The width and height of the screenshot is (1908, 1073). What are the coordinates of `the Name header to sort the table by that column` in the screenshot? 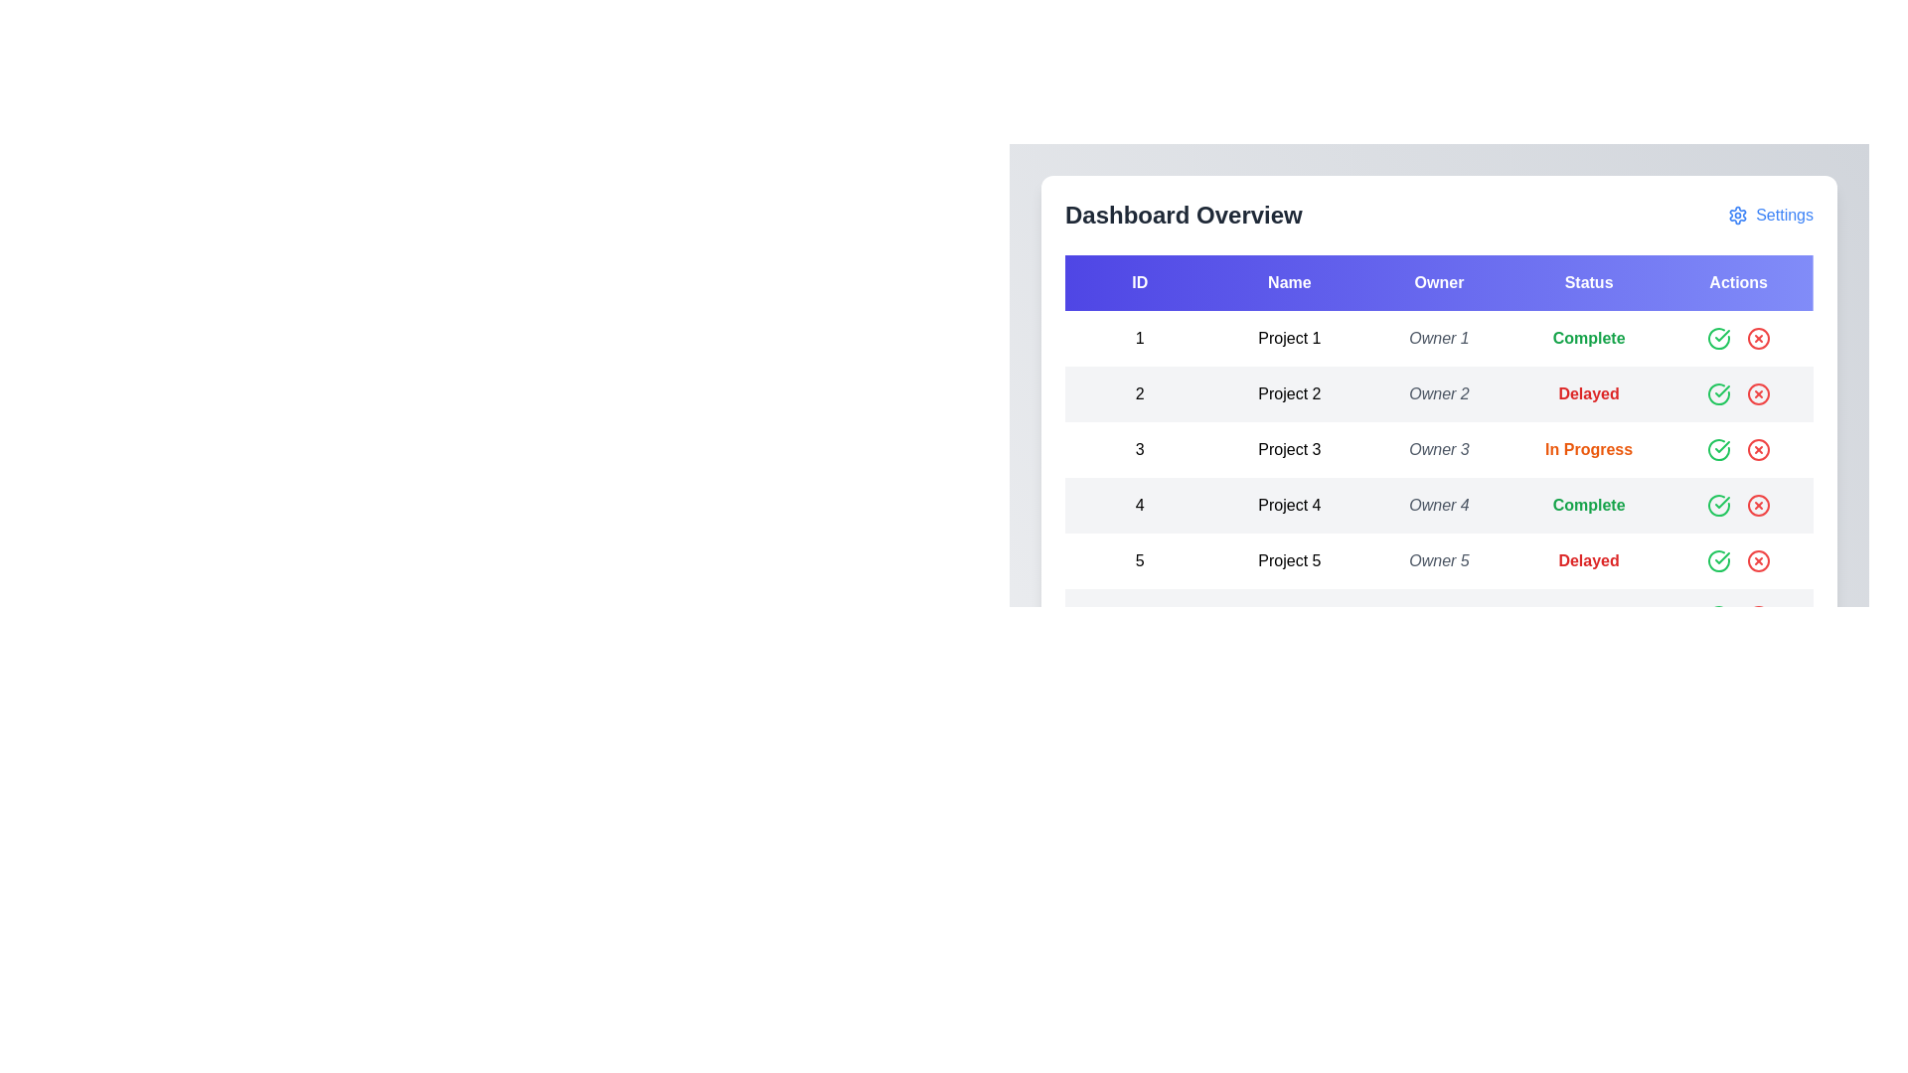 It's located at (1289, 283).